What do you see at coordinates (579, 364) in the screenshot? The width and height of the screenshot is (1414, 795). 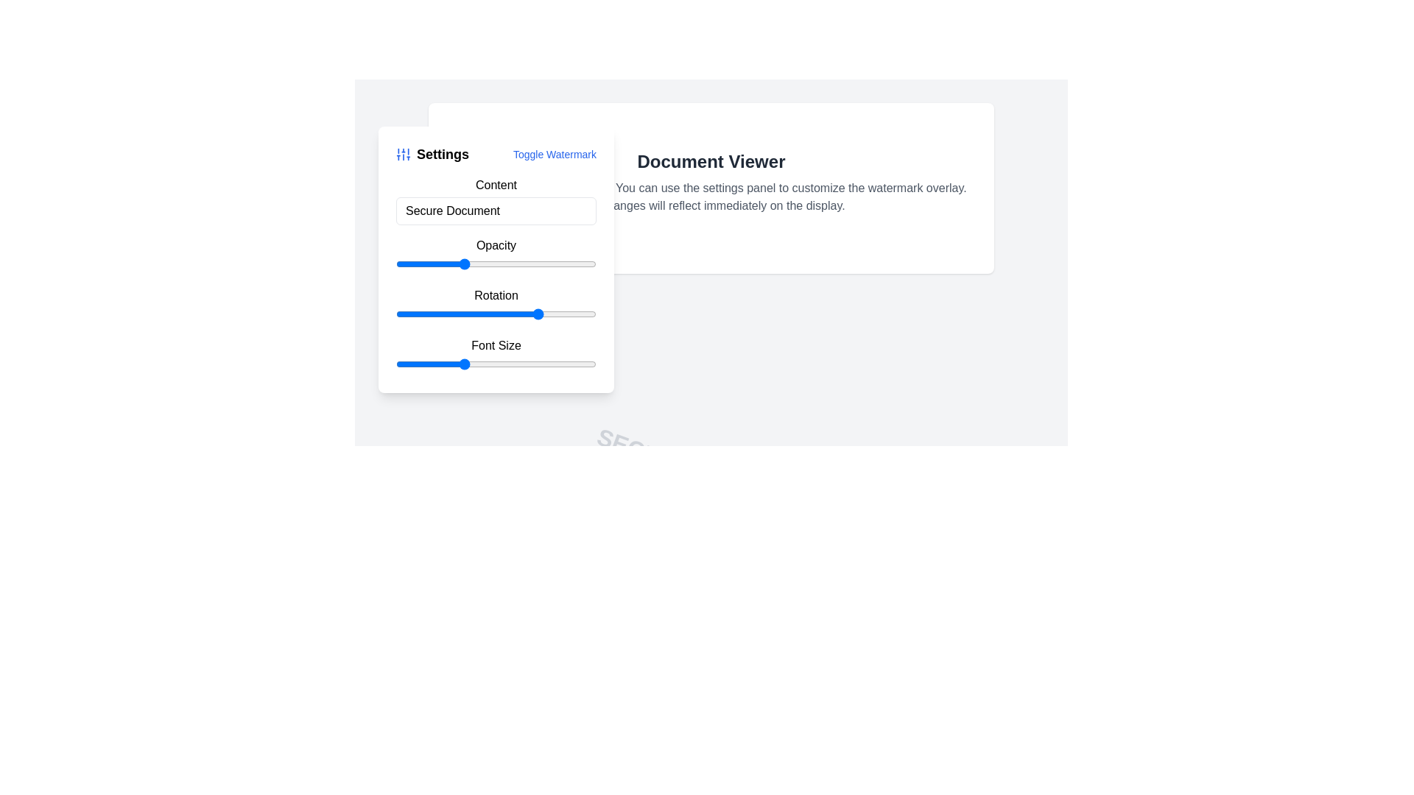 I see `the font size slider` at bounding box center [579, 364].